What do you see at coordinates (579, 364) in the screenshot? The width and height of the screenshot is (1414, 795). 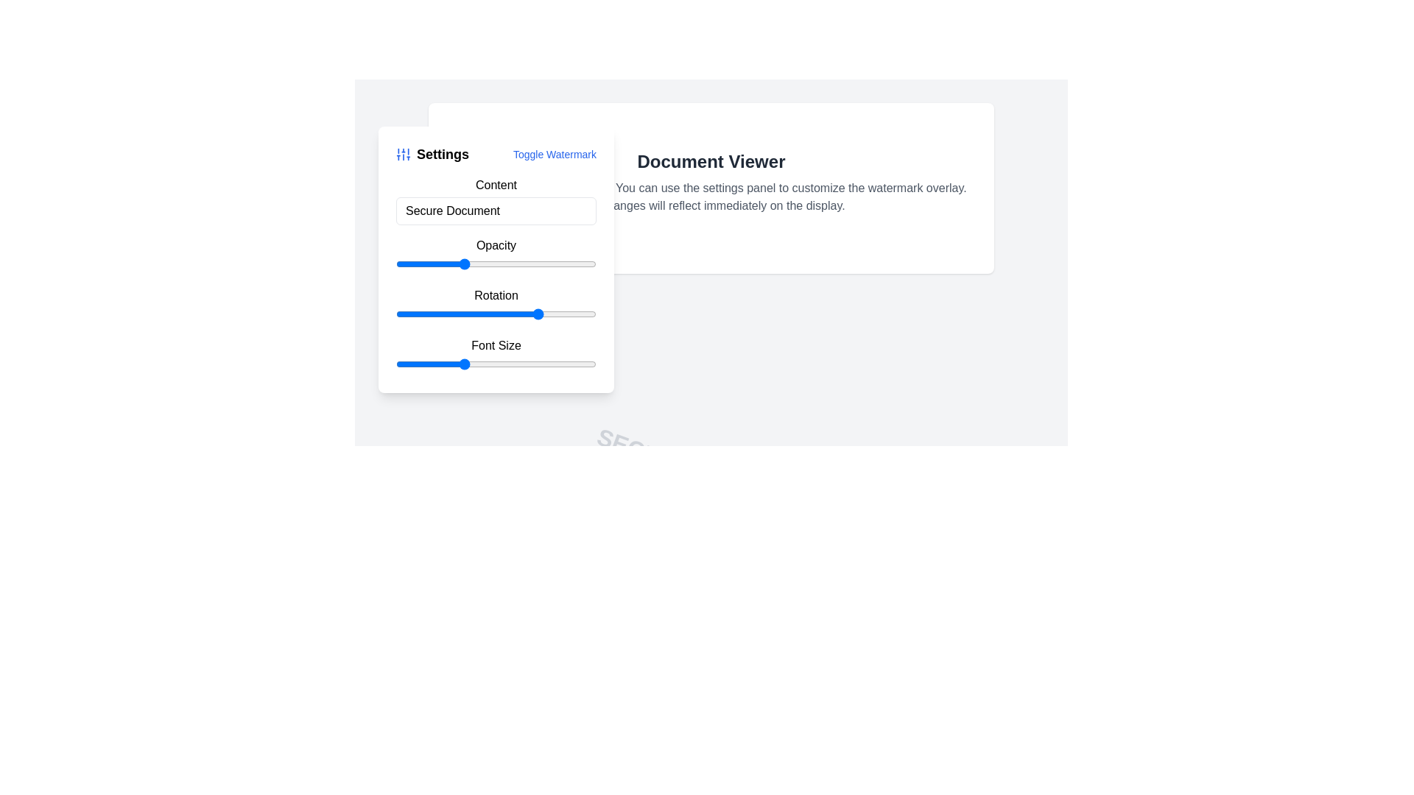 I see `the font size slider` at bounding box center [579, 364].